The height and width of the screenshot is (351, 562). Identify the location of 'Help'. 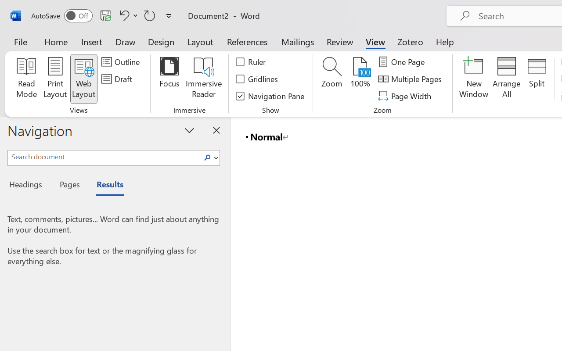
(445, 41).